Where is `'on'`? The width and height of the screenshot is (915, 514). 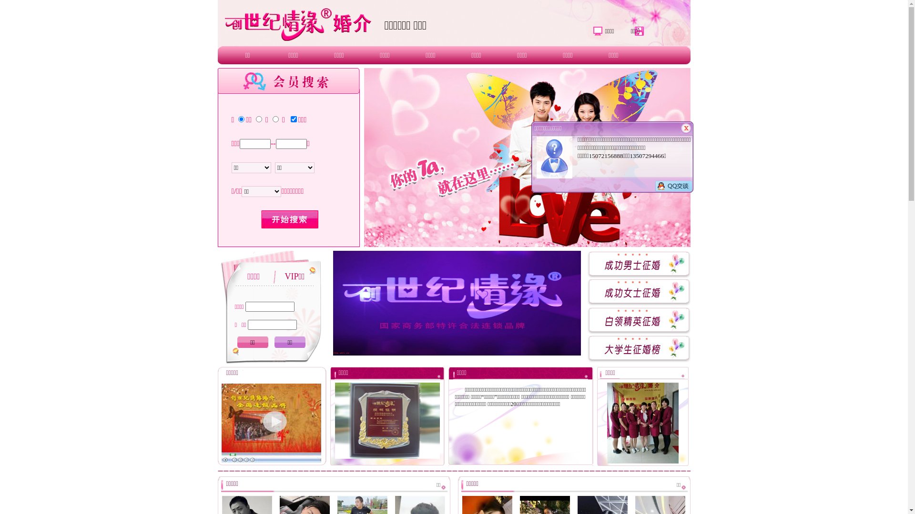 'on' is located at coordinates (293, 119).